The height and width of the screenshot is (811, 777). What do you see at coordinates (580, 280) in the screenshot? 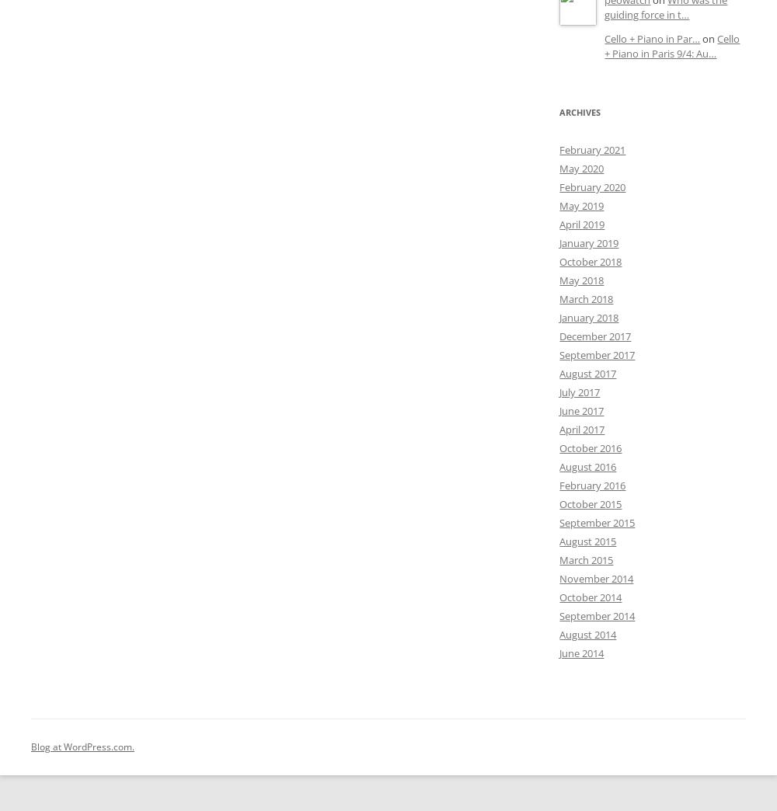
I see `'May 2018'` at bounding box center [580, 280].